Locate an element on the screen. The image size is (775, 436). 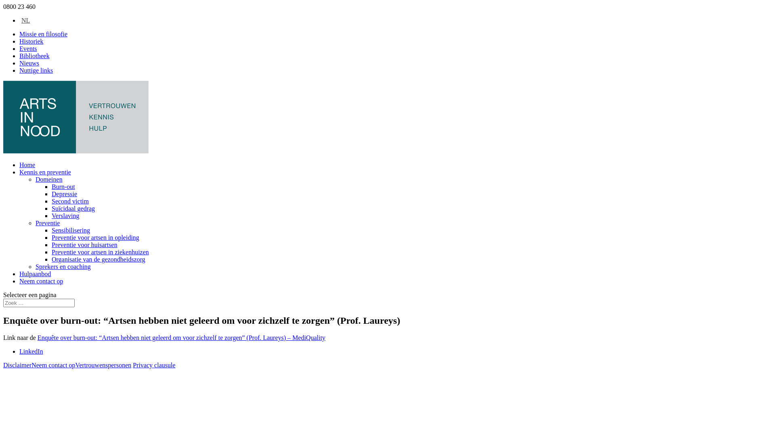
'Kennis en preventie' is located at coordinates (44, 172).